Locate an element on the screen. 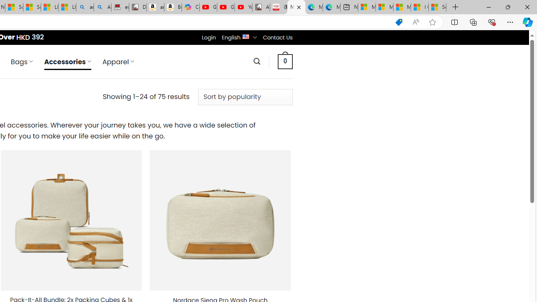 The height and width of the screenshot is (302, 537). 'Contact Us' is located at coordinates (277, 37).